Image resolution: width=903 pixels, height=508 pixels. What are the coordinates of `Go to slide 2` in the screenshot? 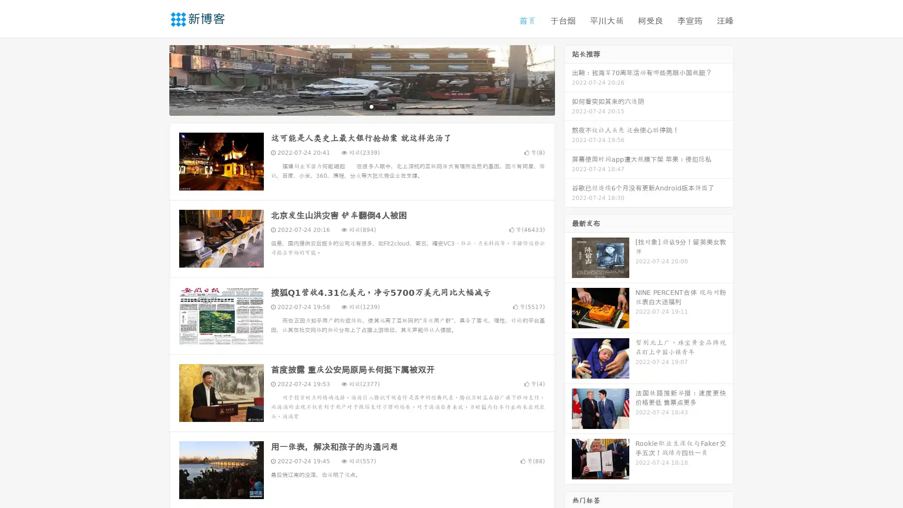 It's located at (361, 106).